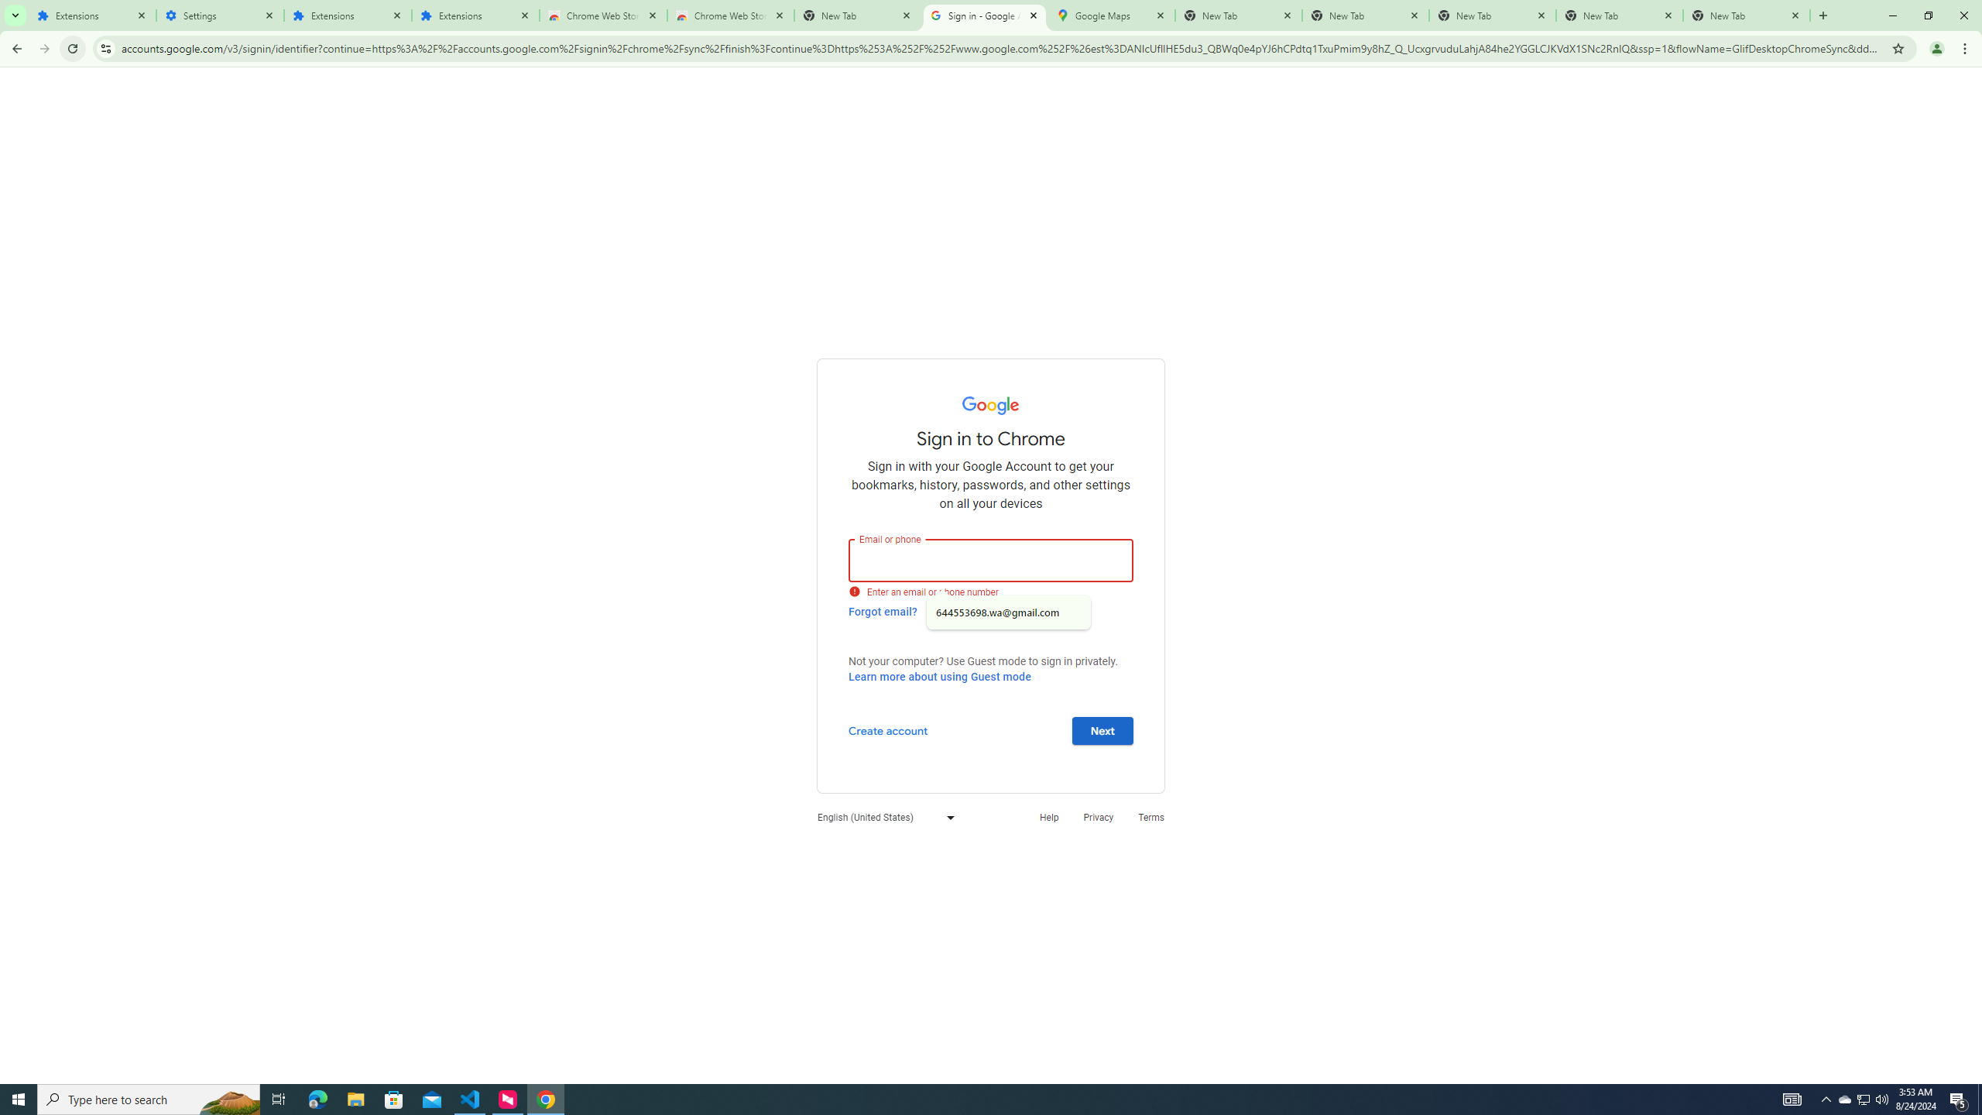 This screenshot has width=1982, height=1115. What do you see at coordinates (1821, 15) in the screenshot?
I see `'New Tab'` at bounding box center [1821, 15].